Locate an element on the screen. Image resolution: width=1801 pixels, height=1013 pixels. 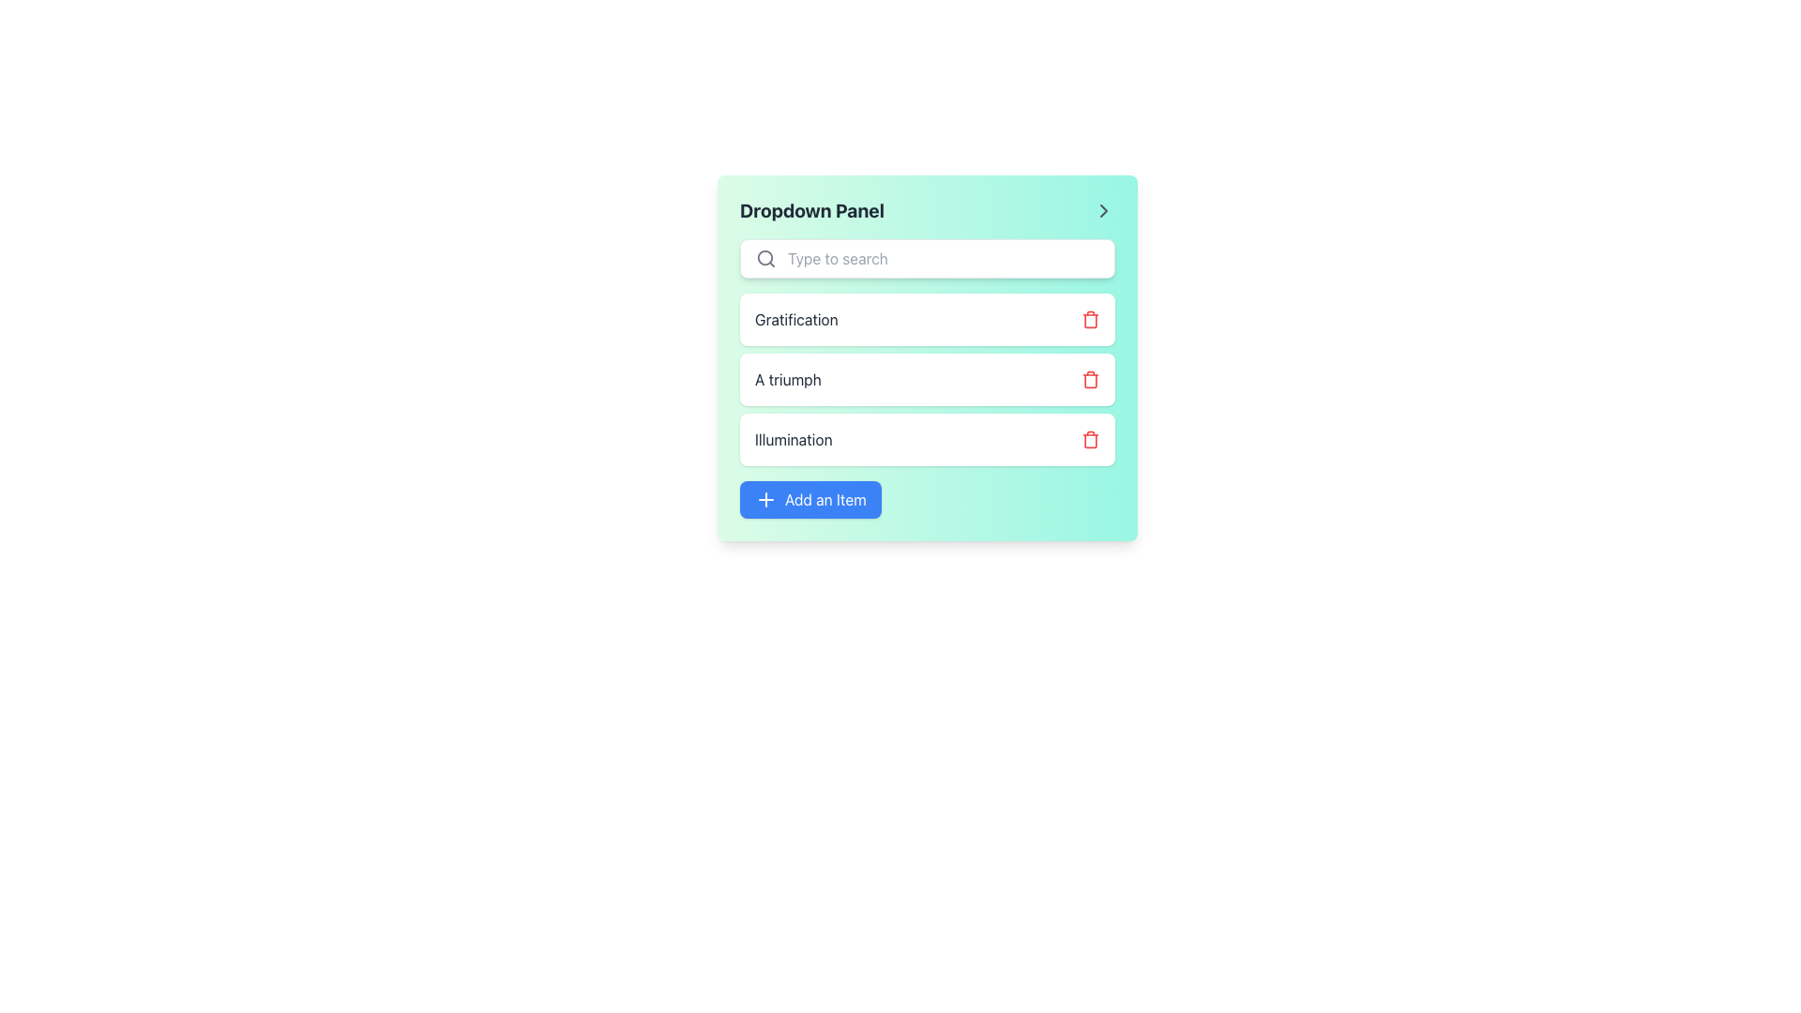
the search icon located at the beginning of the input field with the placeholder text 'Type to search' is located at coordinates (765, 259).